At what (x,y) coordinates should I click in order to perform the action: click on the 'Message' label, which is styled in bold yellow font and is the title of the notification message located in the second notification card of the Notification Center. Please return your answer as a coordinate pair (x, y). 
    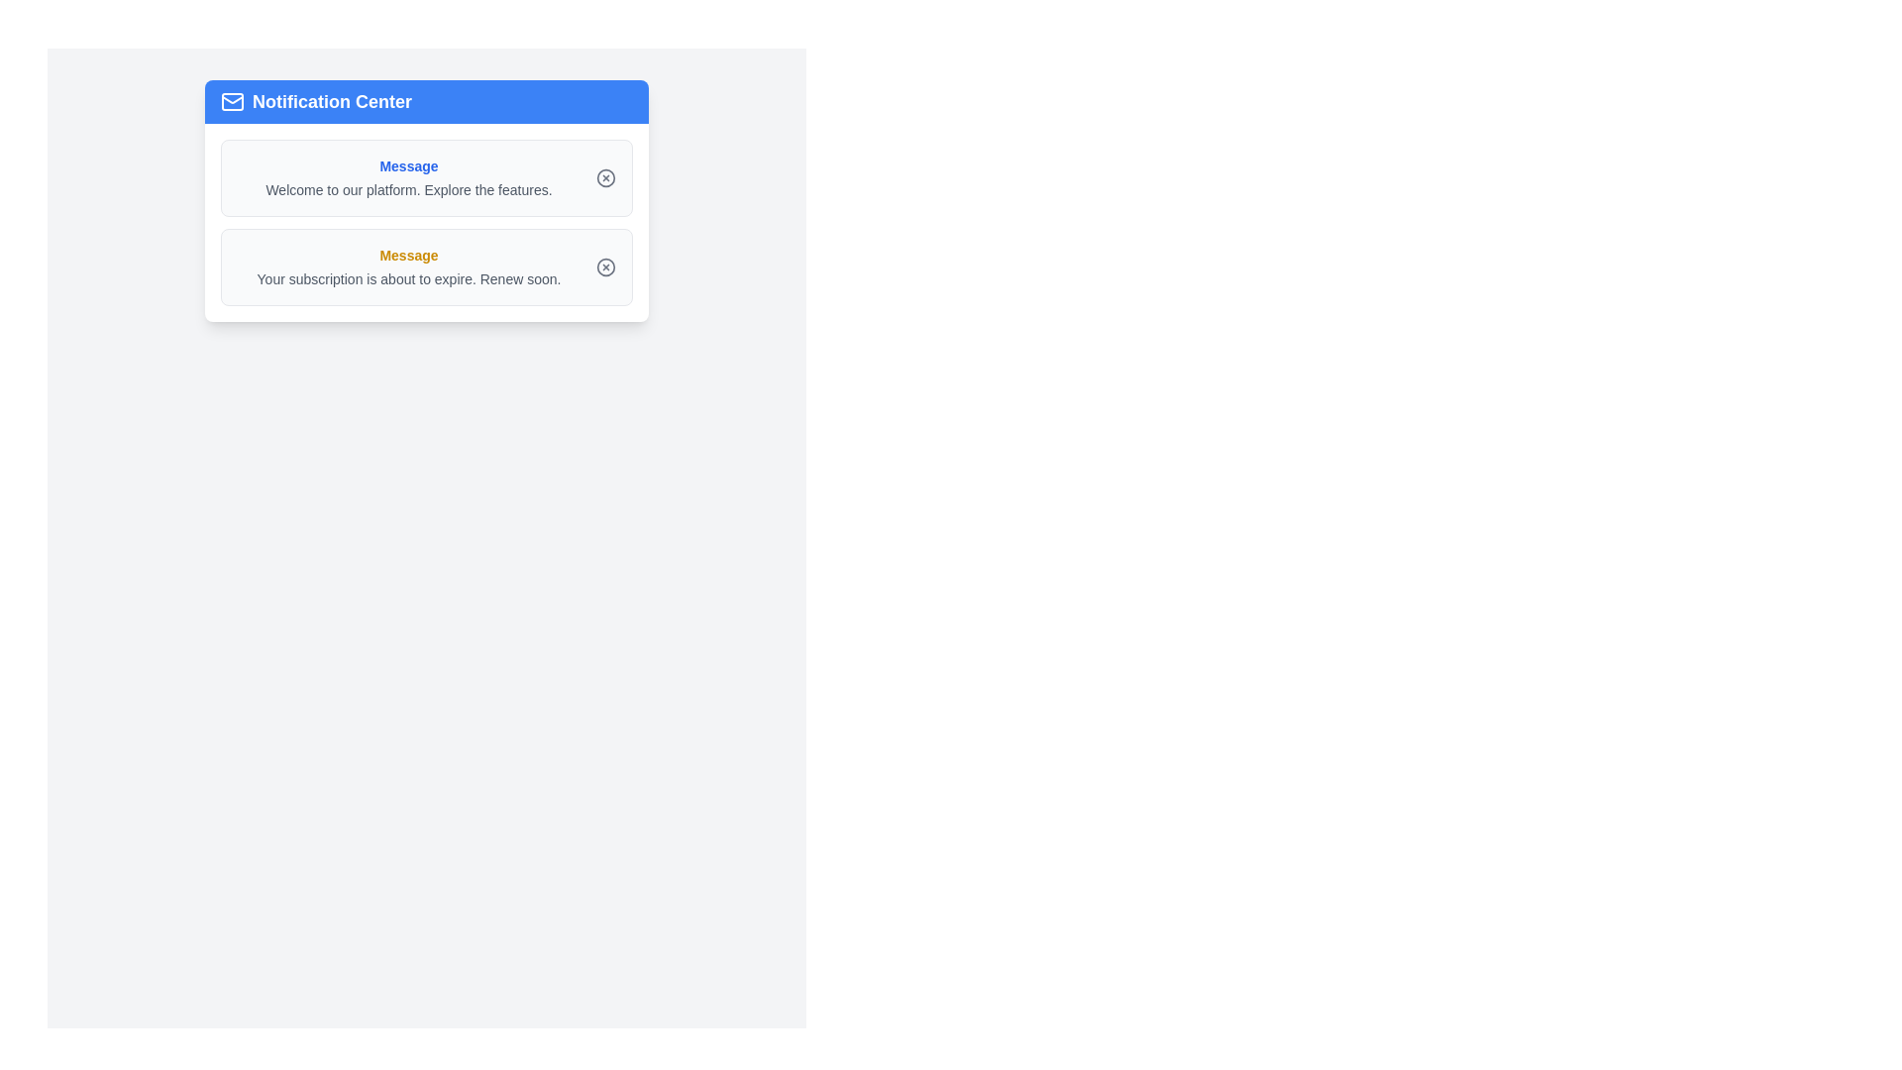
    Looking at the image, I should click on (407, 255).